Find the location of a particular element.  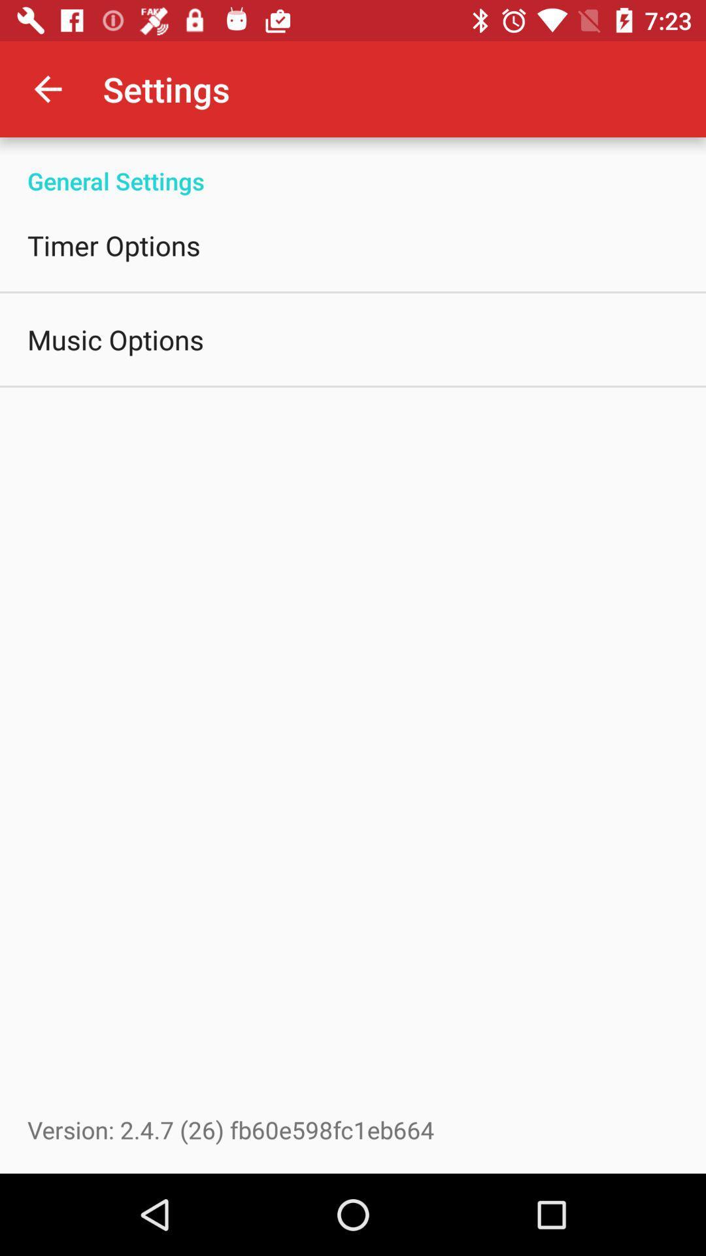

the item above the general settings is located at coordinates (47, 88).